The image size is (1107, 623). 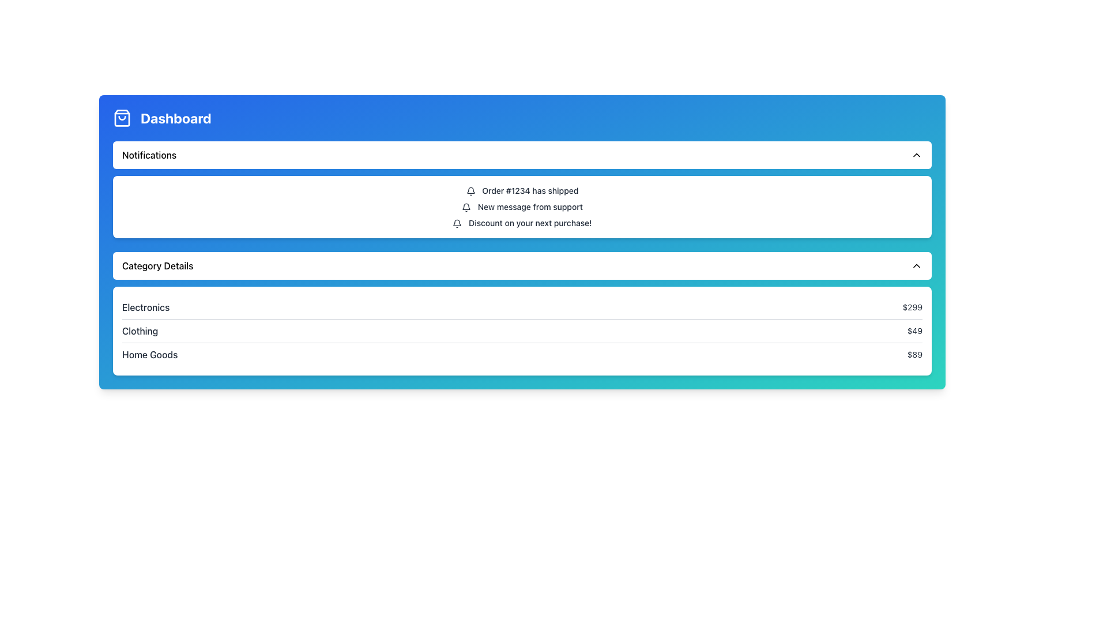 I want to click on the Text Label that serves as the title for the notifications section, positioned on the left side of a horizontal bar, so click(x=149, y=155).